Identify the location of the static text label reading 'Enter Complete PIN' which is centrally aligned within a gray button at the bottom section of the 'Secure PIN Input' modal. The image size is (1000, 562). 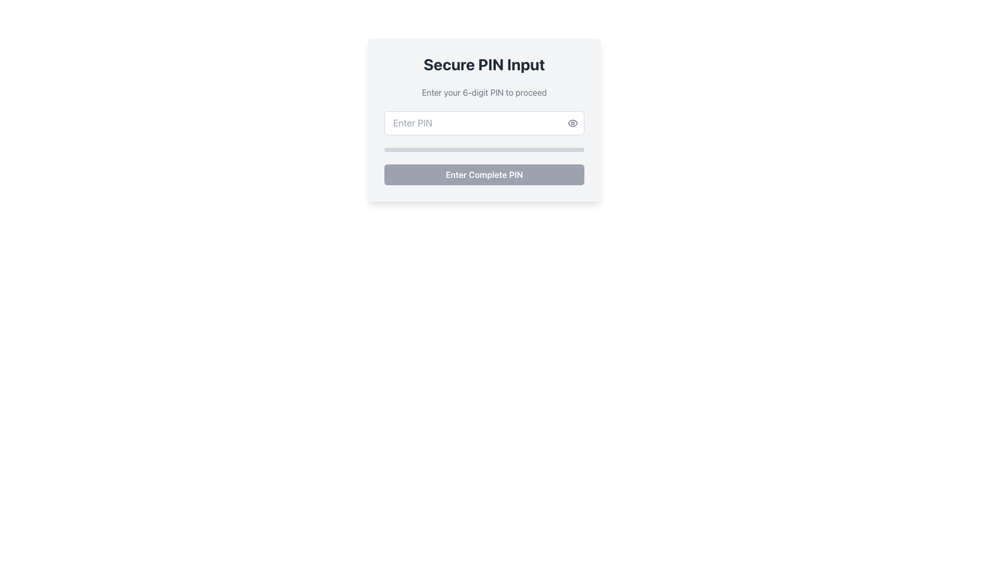
(484, 174).